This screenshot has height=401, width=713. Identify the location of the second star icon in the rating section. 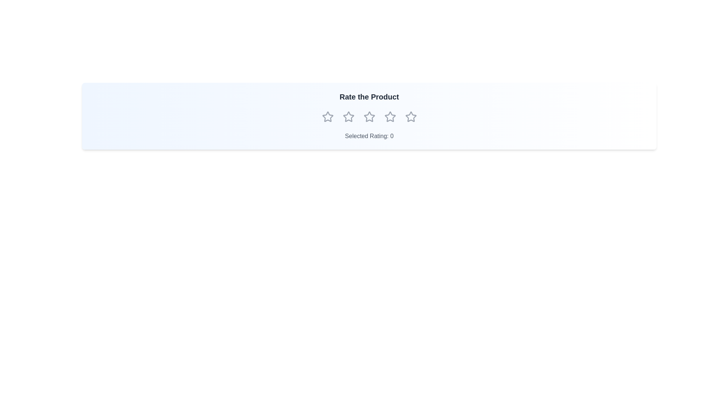
(348, 117).